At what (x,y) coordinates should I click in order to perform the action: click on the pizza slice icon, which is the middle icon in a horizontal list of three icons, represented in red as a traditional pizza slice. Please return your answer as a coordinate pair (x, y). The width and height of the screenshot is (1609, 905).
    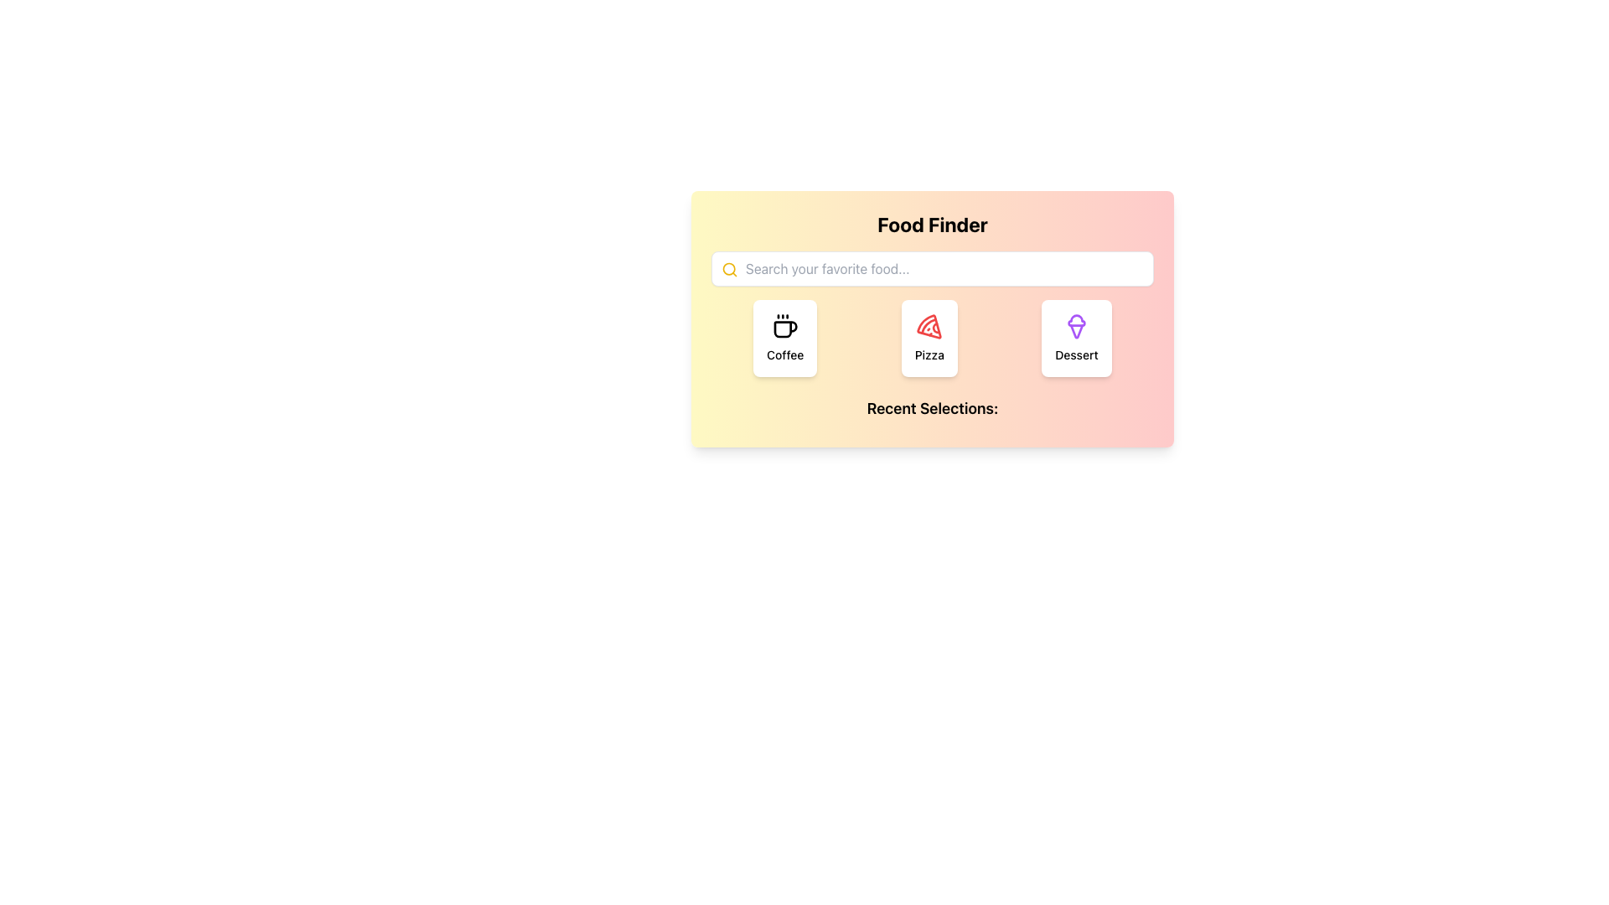
    Looking at the image, I should click on (929, 326).